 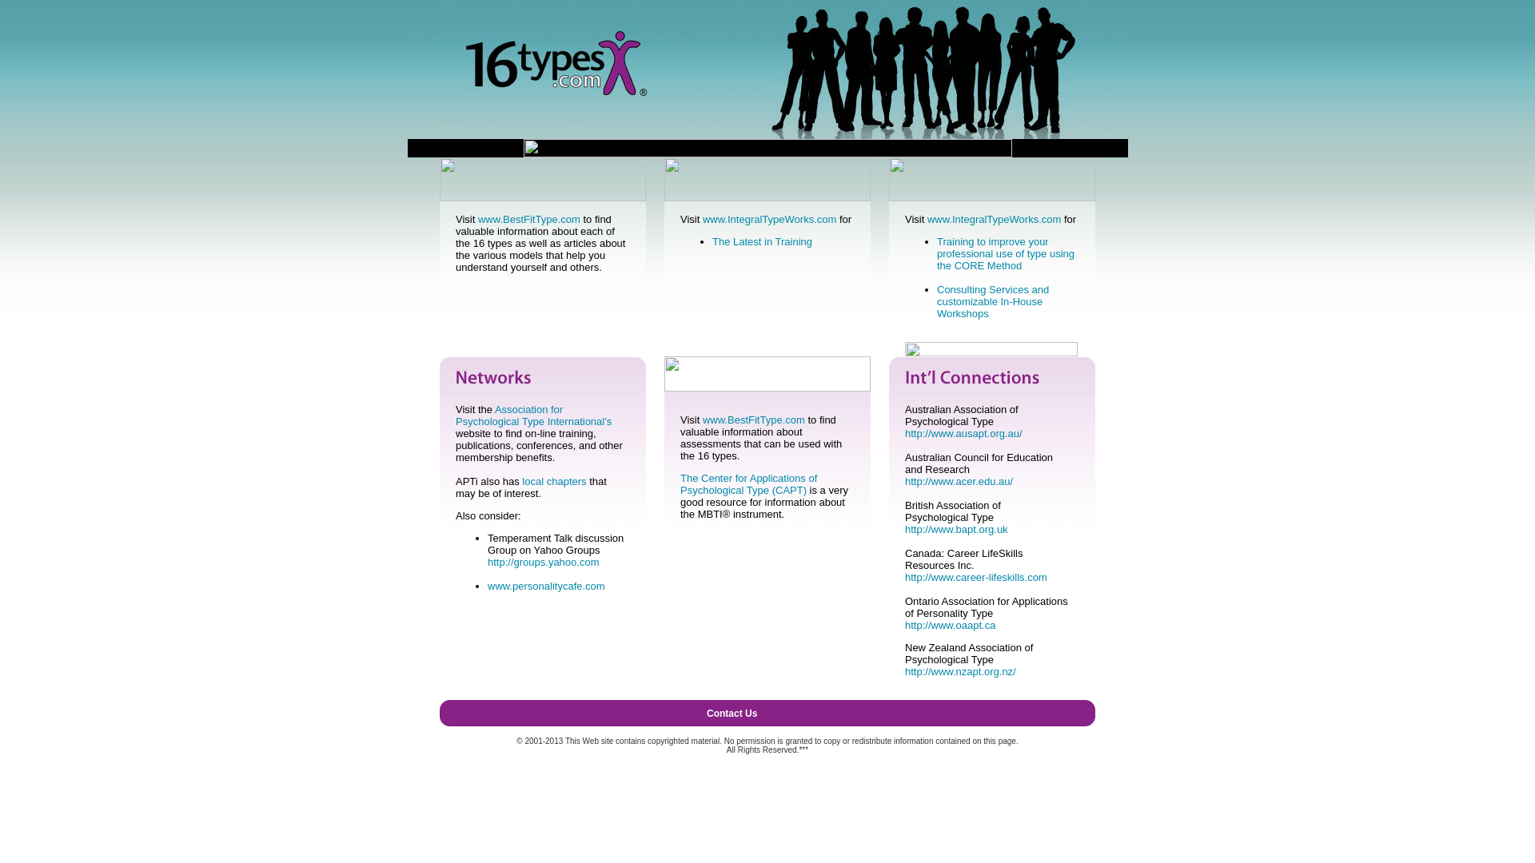 What do you see at coordinates (975, 577) in the screenshot?
I see `'http://www.career-lifeskills.com'` at bounding box center [975, 577].